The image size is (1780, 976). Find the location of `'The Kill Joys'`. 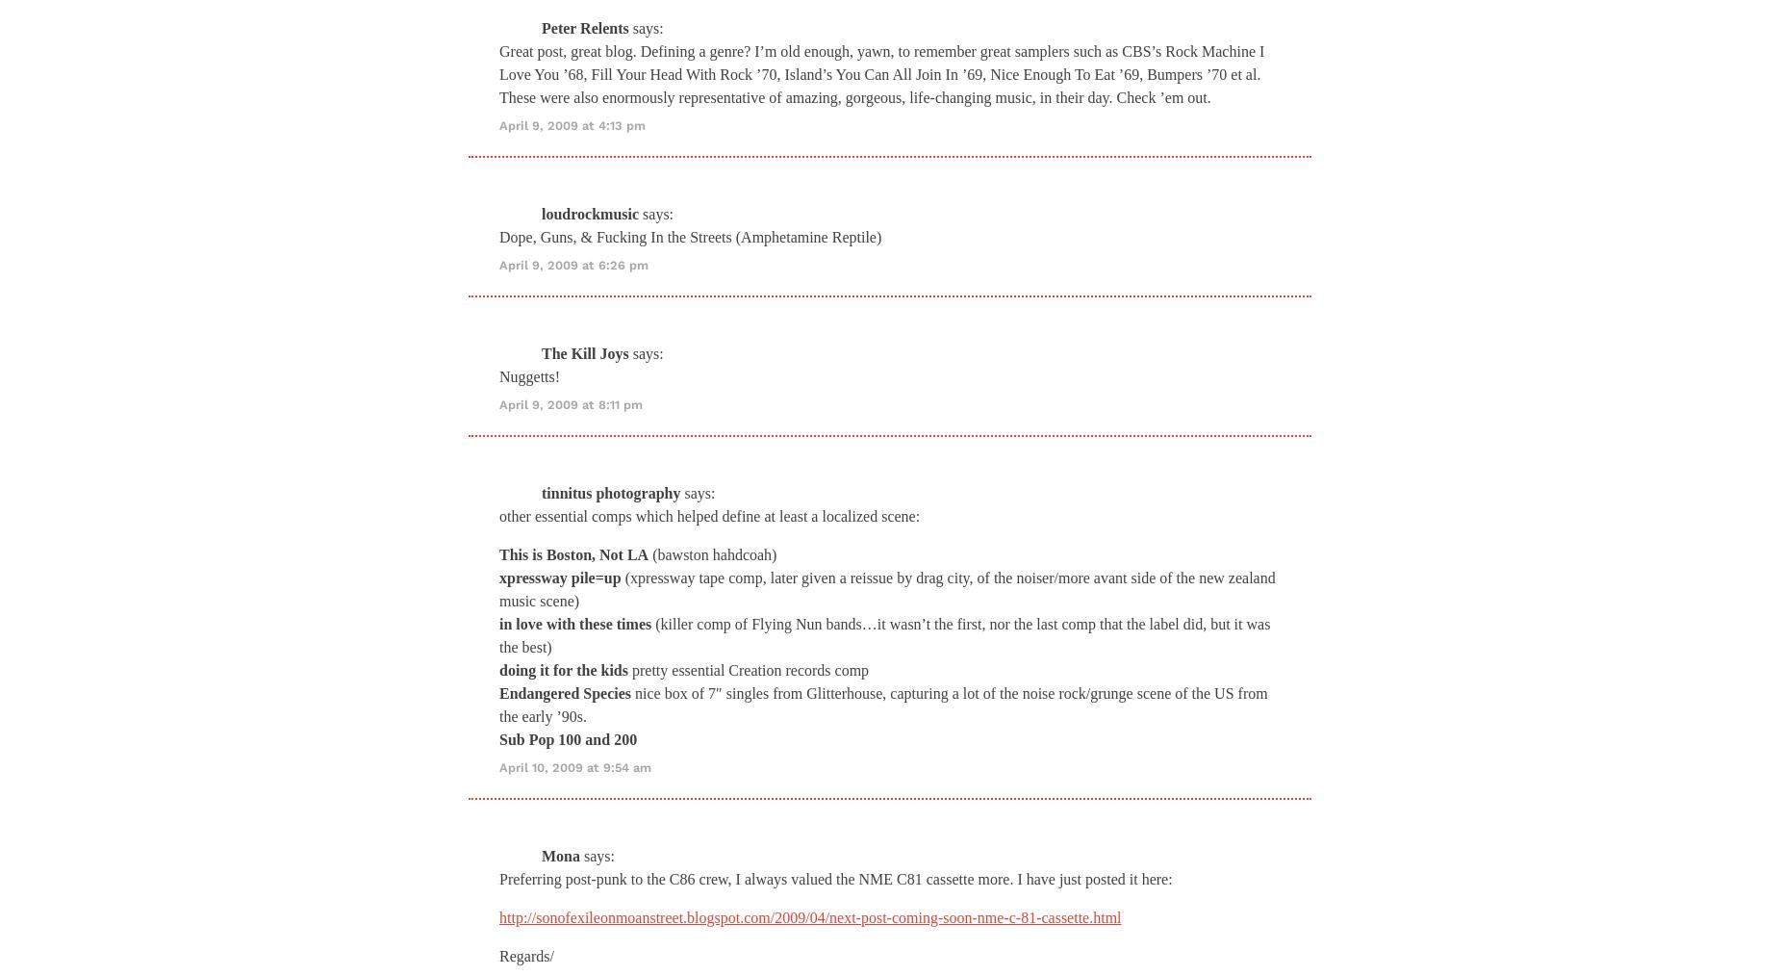

'The Kill Joys' is located at coordinates (584, 351).